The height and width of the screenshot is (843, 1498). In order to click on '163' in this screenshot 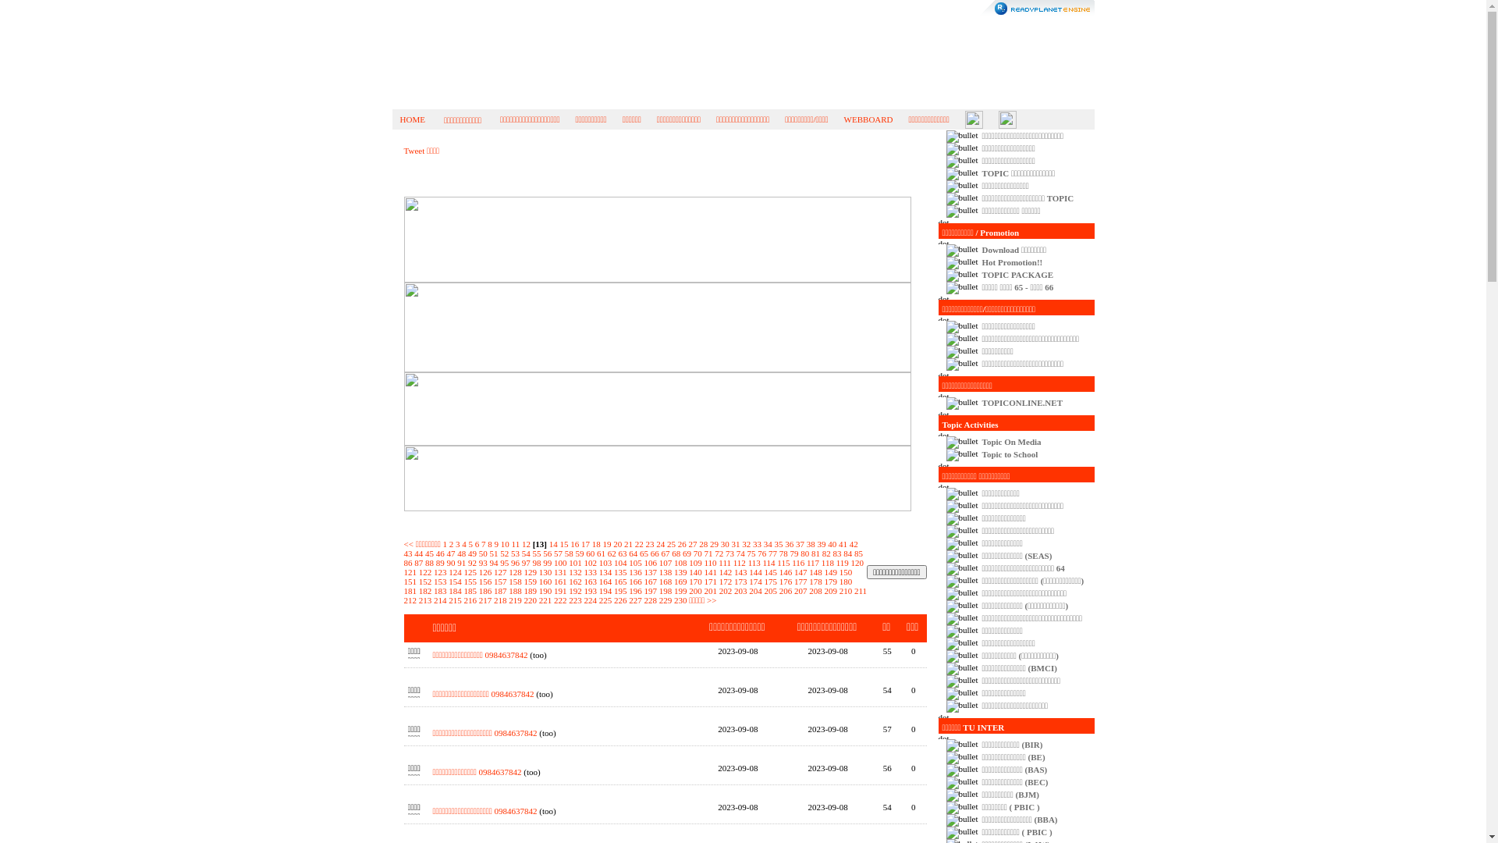, I will do `click(589, 581)`.